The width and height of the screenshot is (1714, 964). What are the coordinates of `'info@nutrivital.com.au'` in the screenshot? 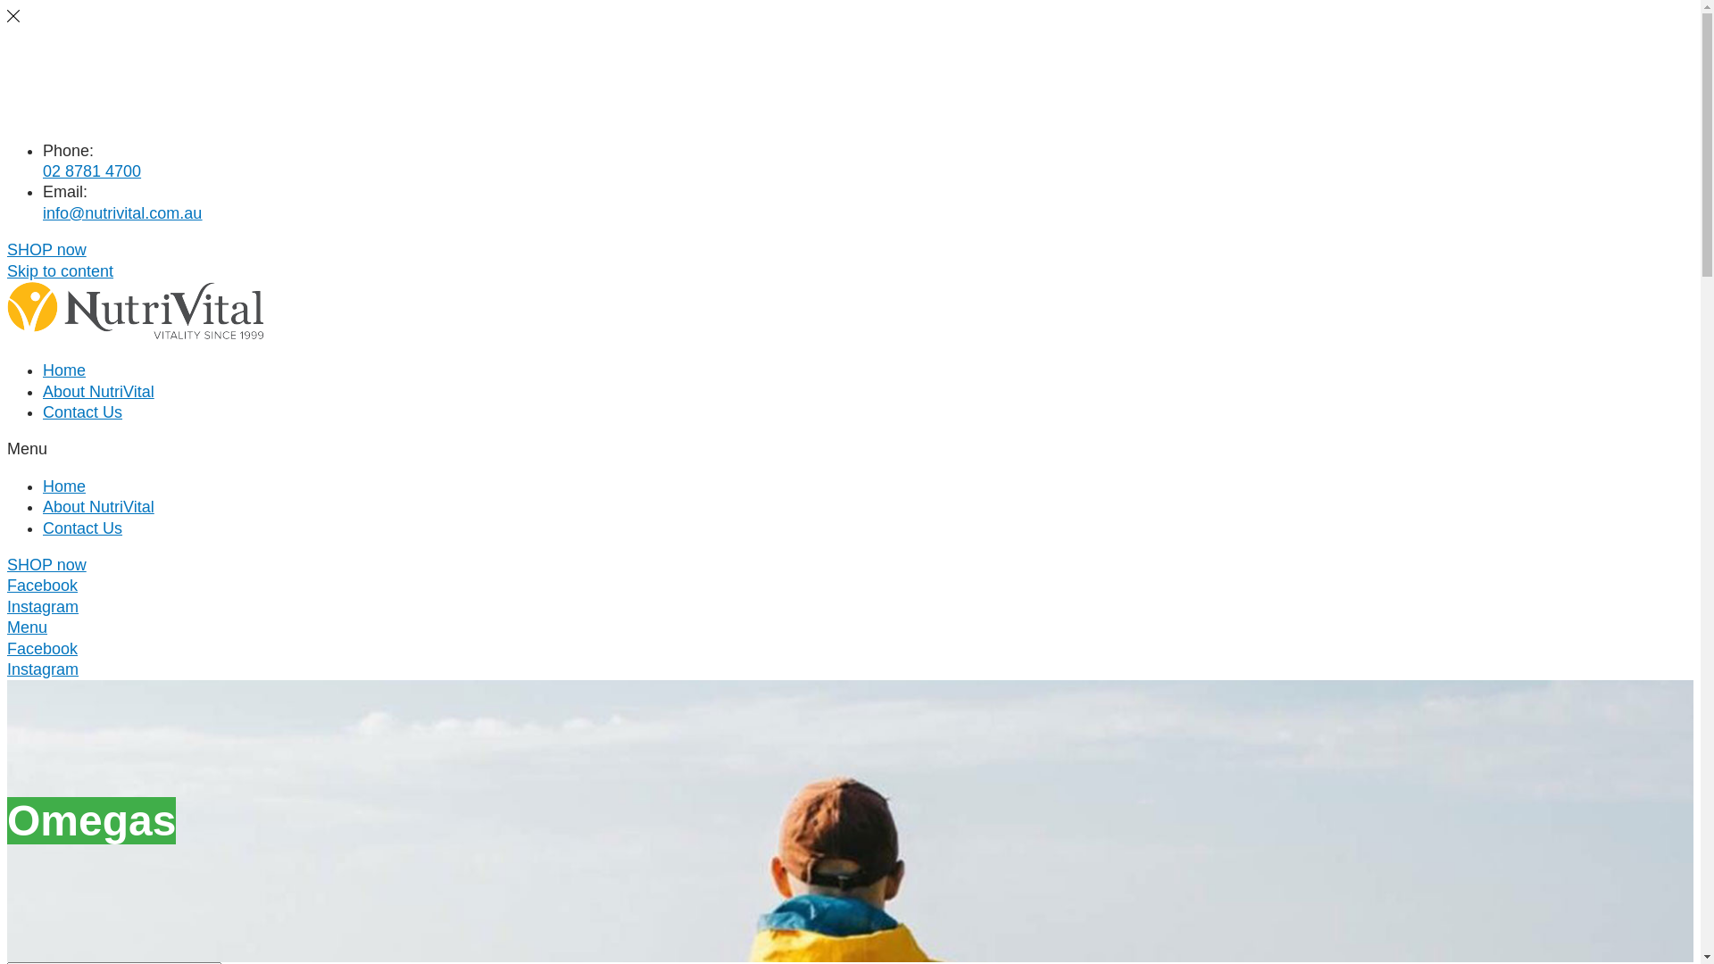 It's located at (121, 212).